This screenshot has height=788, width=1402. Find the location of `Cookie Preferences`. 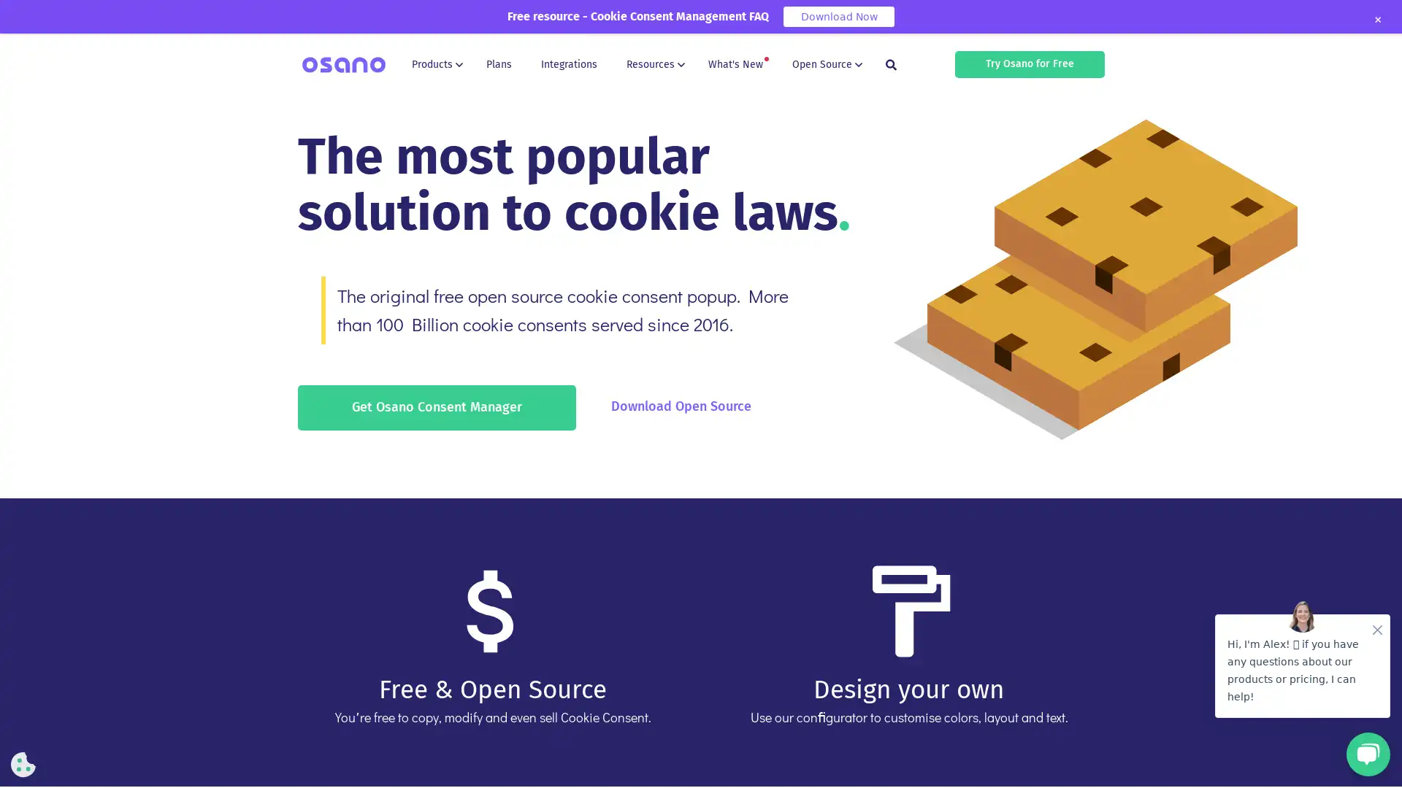

Cookie Preferences is located at coordinates (23, 764).